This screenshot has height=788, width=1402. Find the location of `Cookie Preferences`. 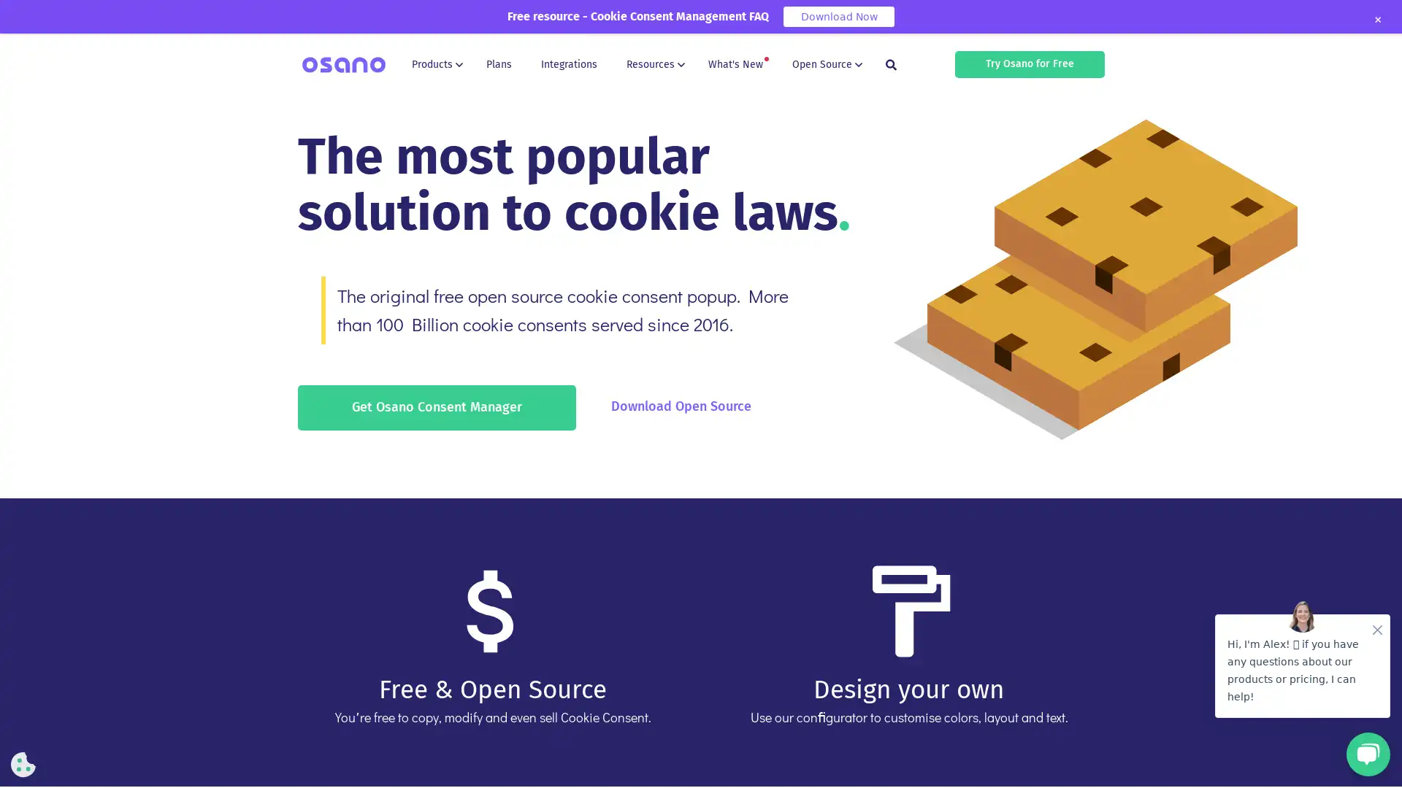

Cookie Preferences is located at coordinates (23, 764).